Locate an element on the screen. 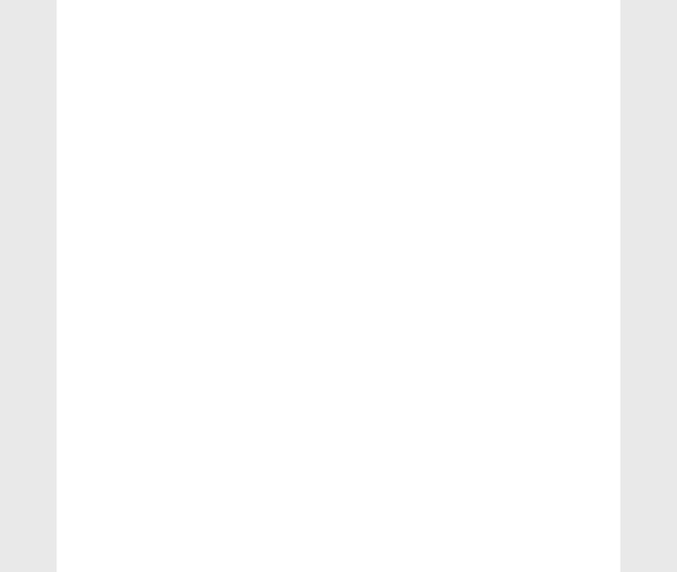 The height and width of the screenshot is (572, 677). 'You can Become Rich Also' is located at coordinates (530, 74).